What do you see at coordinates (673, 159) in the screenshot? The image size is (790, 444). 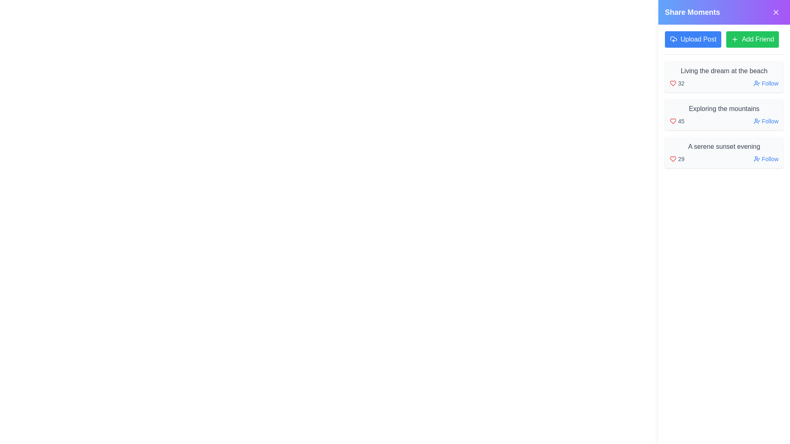 I see `the 'like' or 'favorite' icon located in the third listing under the 'Share Moments' section, which is visually represented by a heart icon` at bounding box center [673, 159].